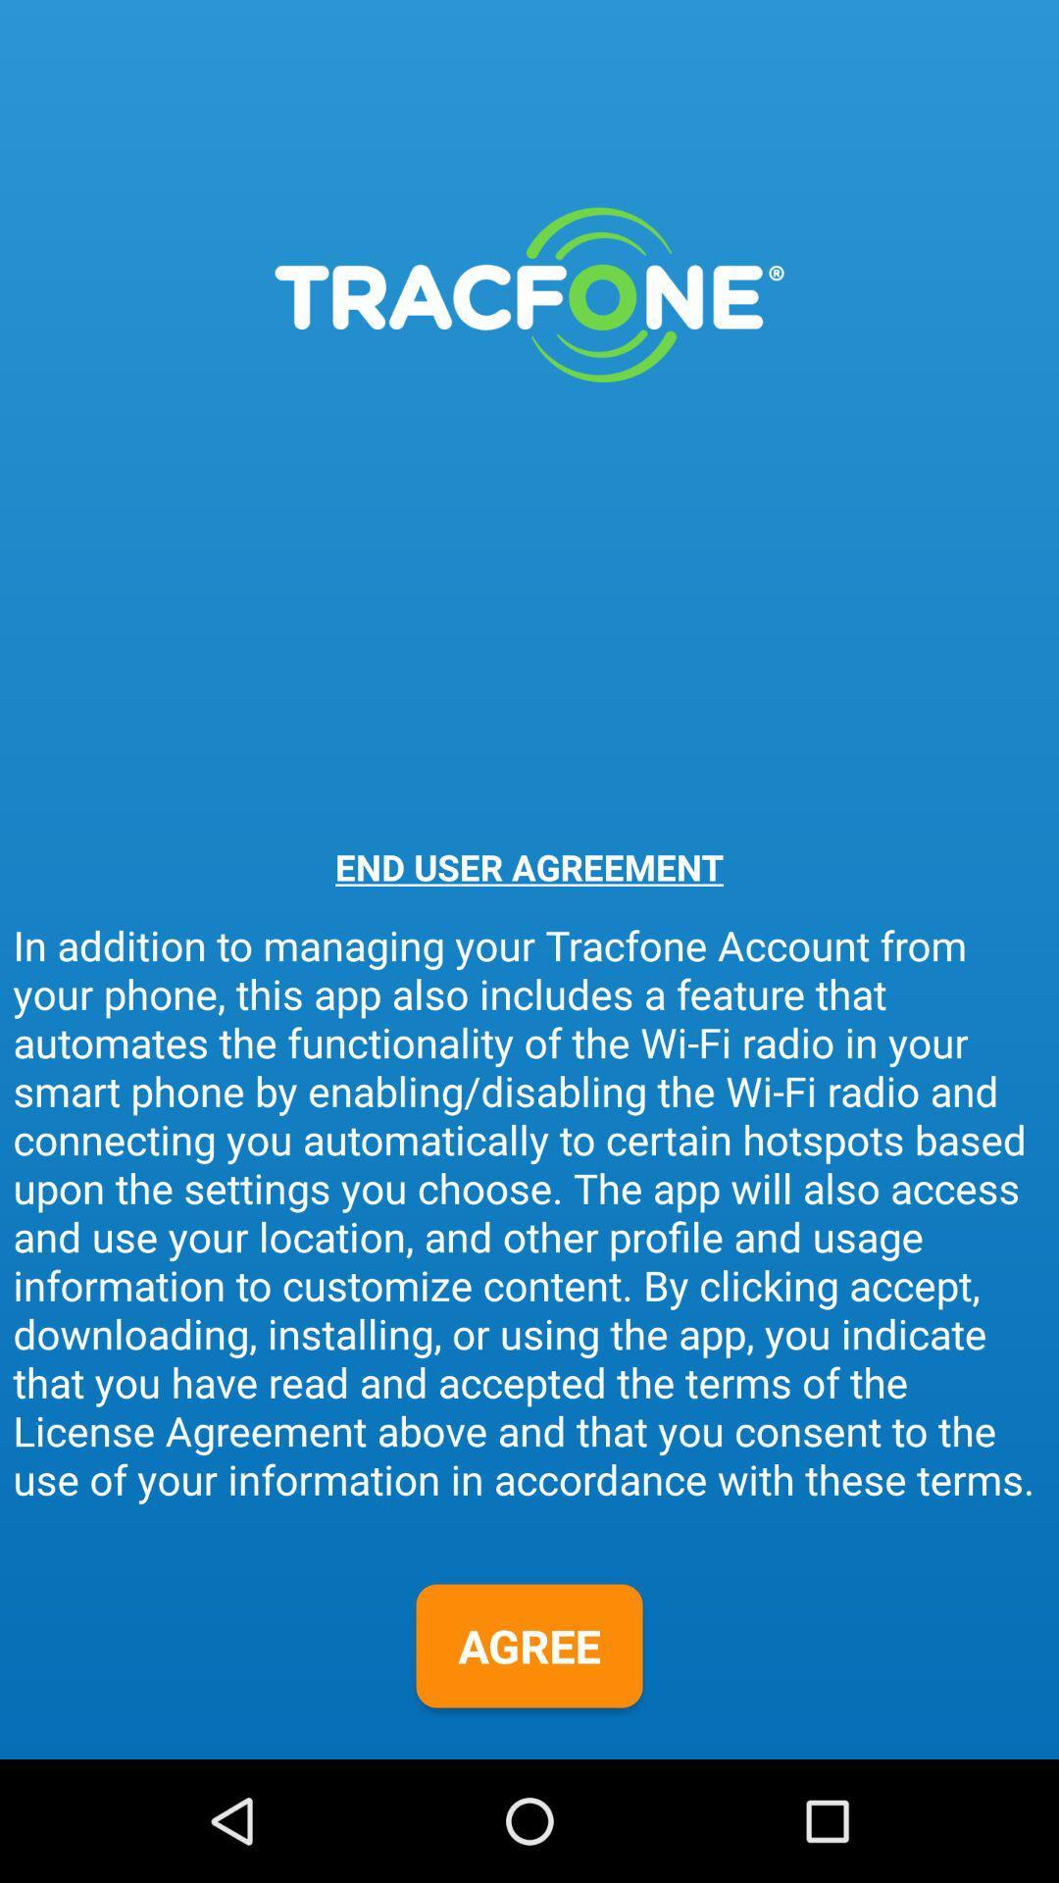 This screenshot has width=1059, height=1883. I want to click on icon below in addition to, so click(529, 1646).